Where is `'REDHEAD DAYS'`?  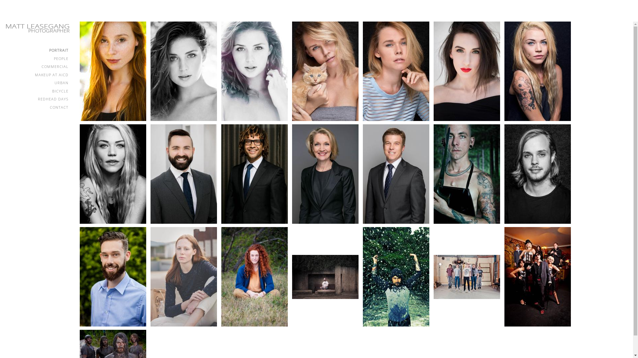 'REDHEAD DAYS' is located at coordinates (36, 99).